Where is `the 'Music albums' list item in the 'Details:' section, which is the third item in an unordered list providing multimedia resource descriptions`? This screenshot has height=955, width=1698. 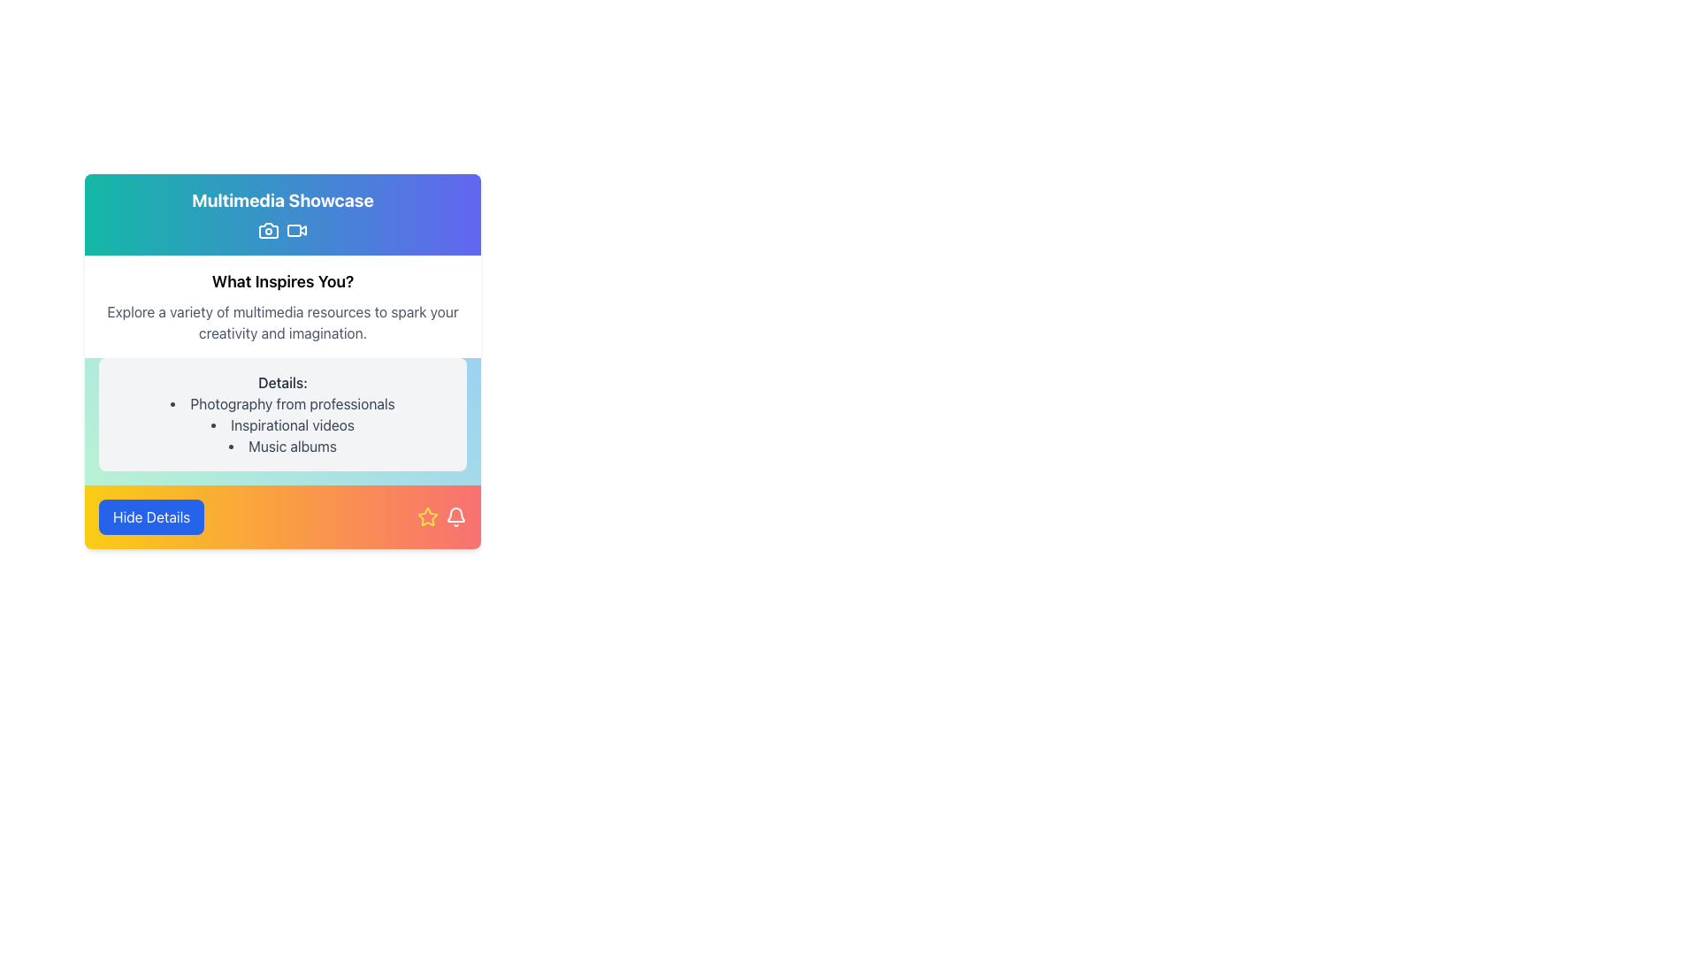 the 'Music albums' list item in the 'Details:' section, which is the third item in an unordered list providing multimedia resource descriptions is located at coordinates (283, 446).